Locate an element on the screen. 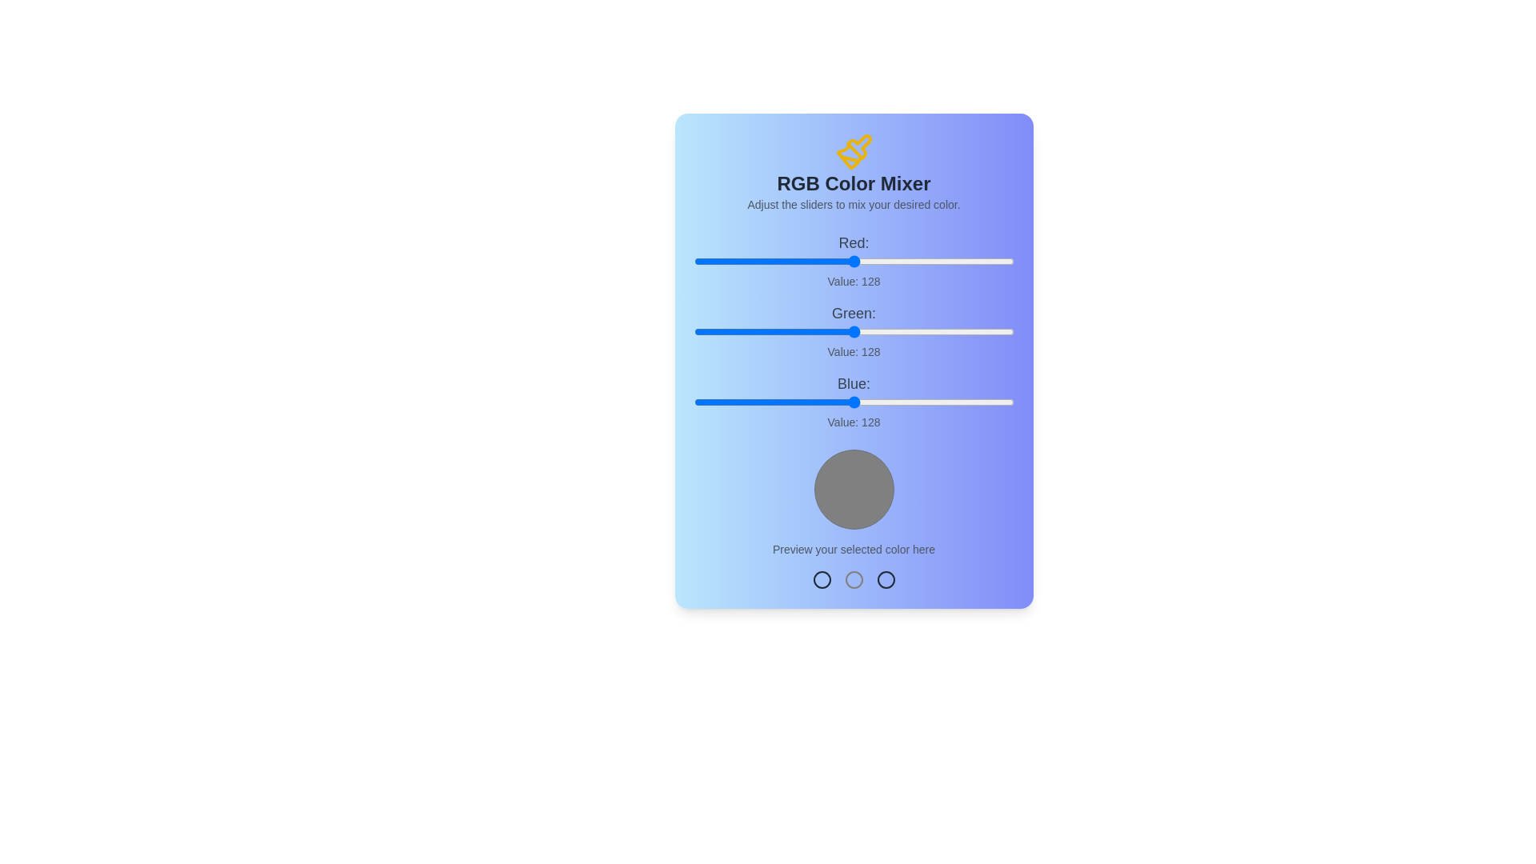 This screenshot has height=864, width=1536. the red slider to set the red component to 253 is located at coordinates (1010, 261).